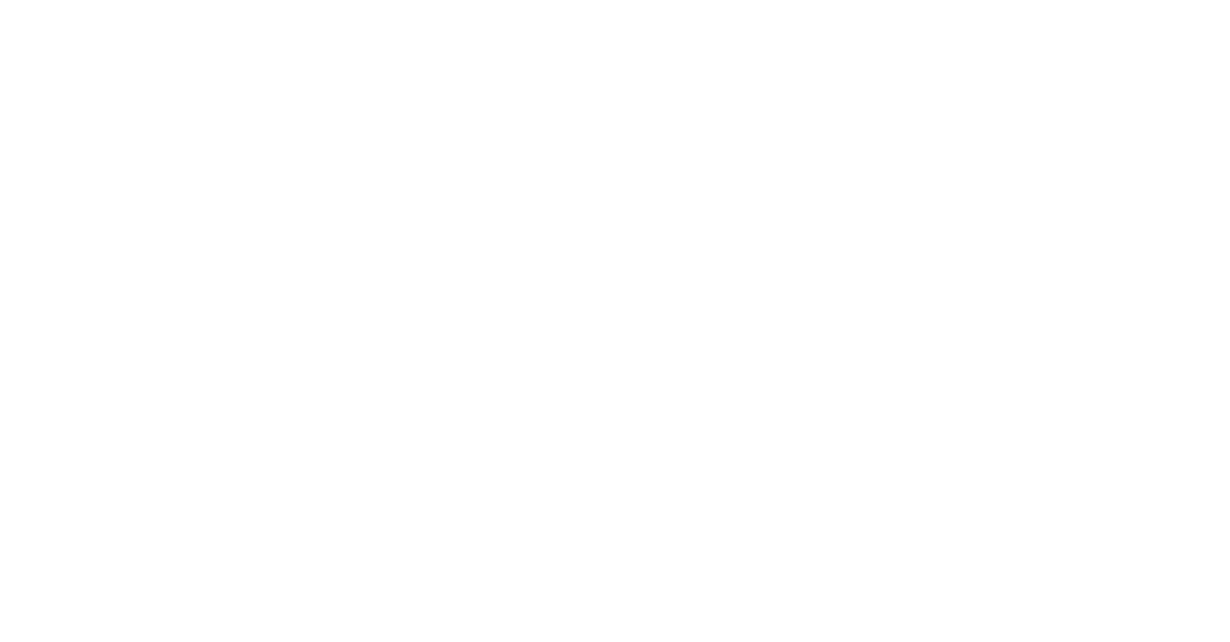 This screenshot has height=642, width=1230. I want to click on 'FuE-Projektförderung', so click(56, 420).